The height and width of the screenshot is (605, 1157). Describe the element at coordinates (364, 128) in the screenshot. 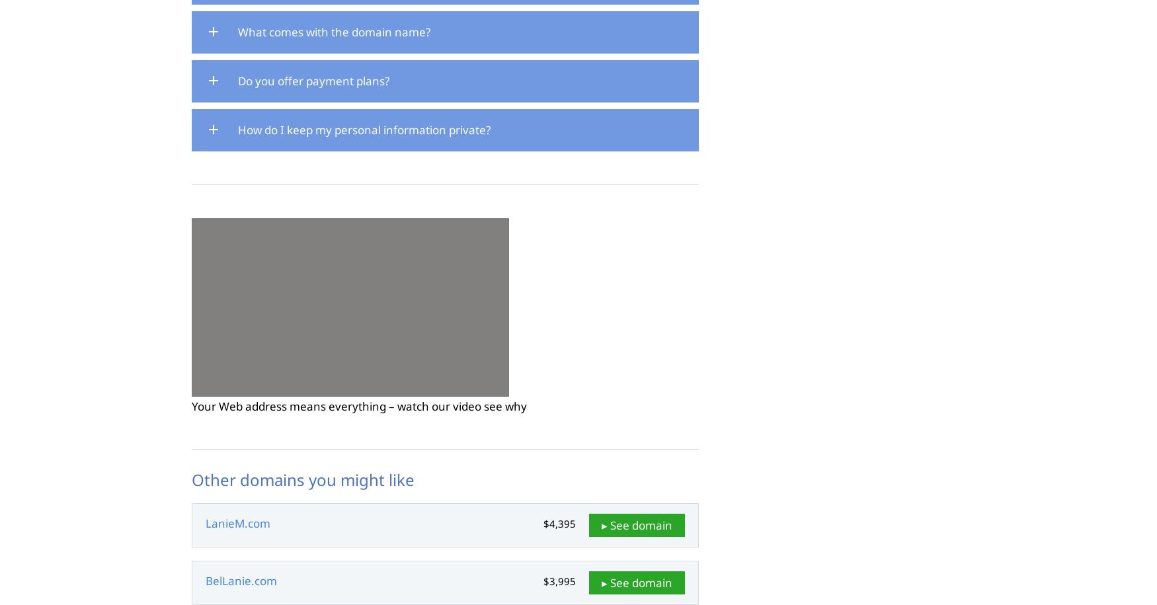

I see `'How do I keep my personal information private?'` at that location.